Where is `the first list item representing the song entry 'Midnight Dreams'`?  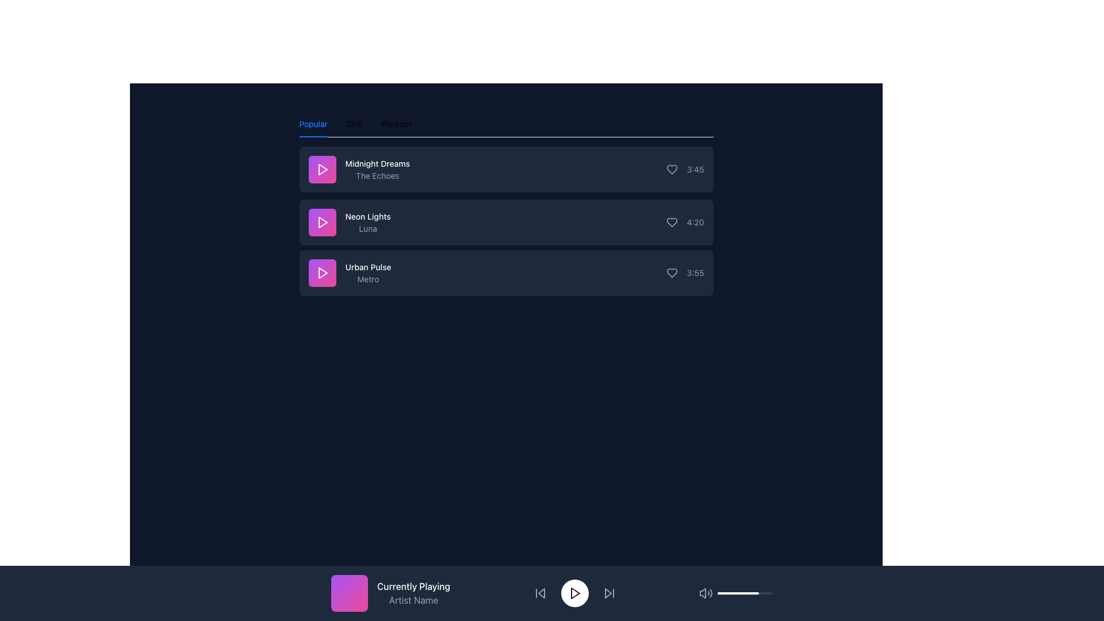 the first list item representing the song entry 'Midnight Dreams' is located at coordinates (506, 169).